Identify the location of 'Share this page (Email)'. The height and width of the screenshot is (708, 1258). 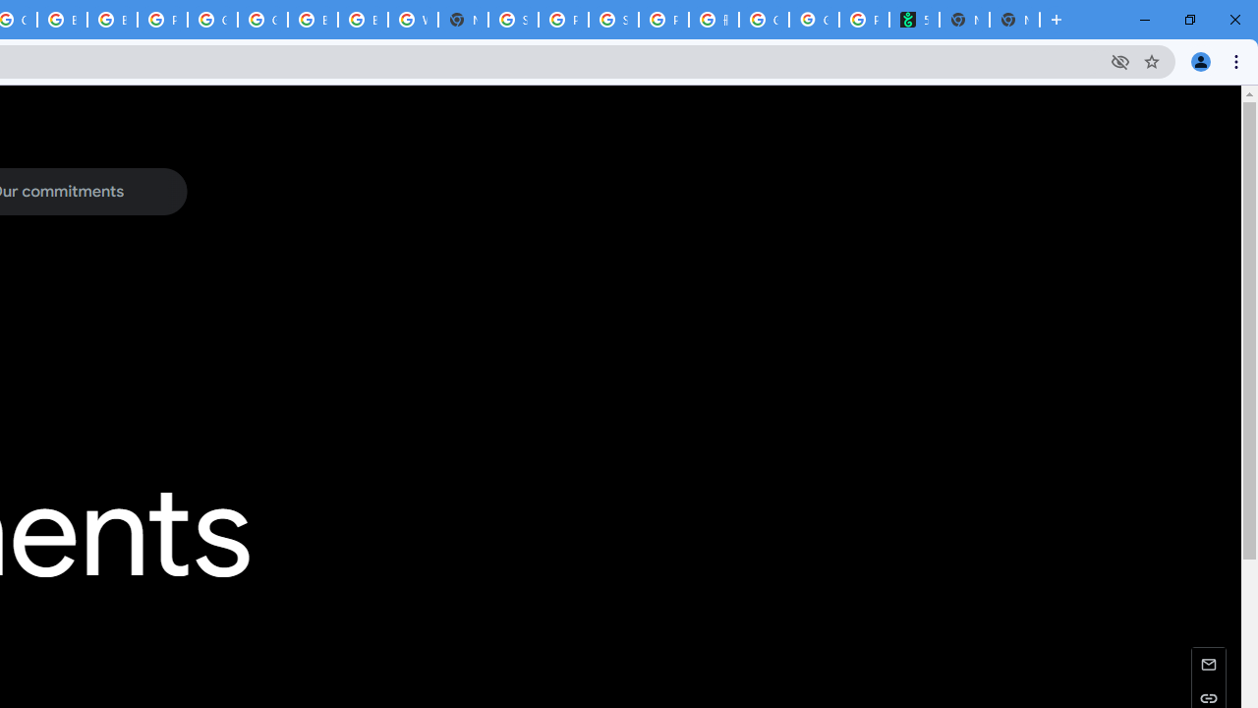
(1208, 664).